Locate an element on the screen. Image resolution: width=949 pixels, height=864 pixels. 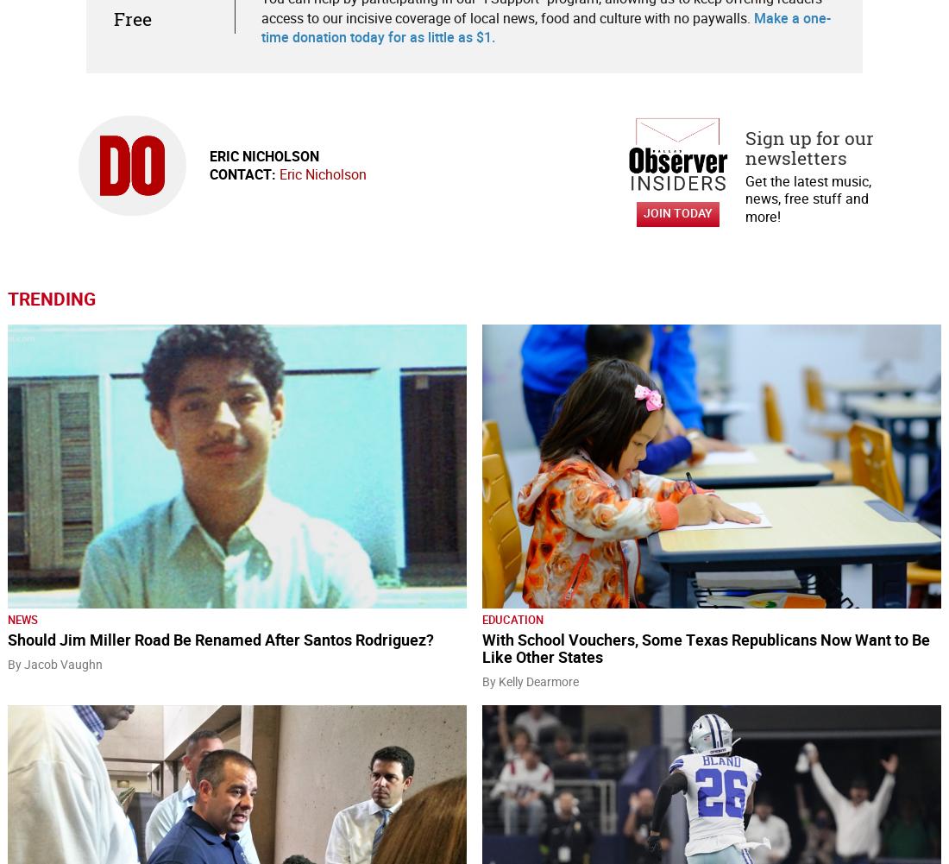
'Get the latest music, news, free stuff and more!' is located at coordinates (808, 198).